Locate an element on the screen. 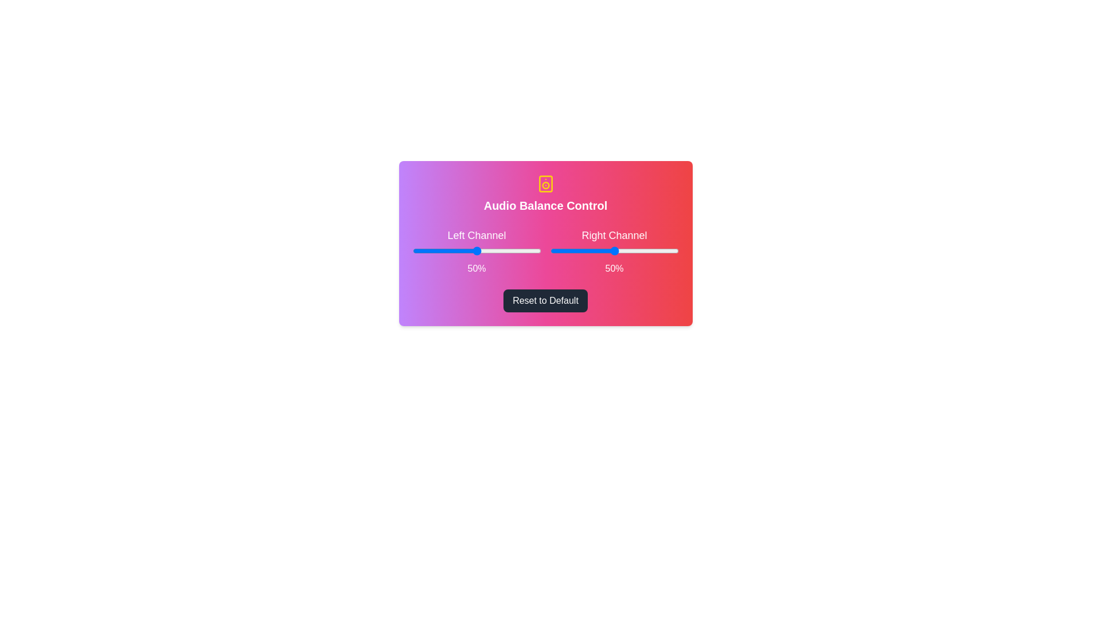  the right channel slider to set the volume to 97% is located at coordinates (674, 250).